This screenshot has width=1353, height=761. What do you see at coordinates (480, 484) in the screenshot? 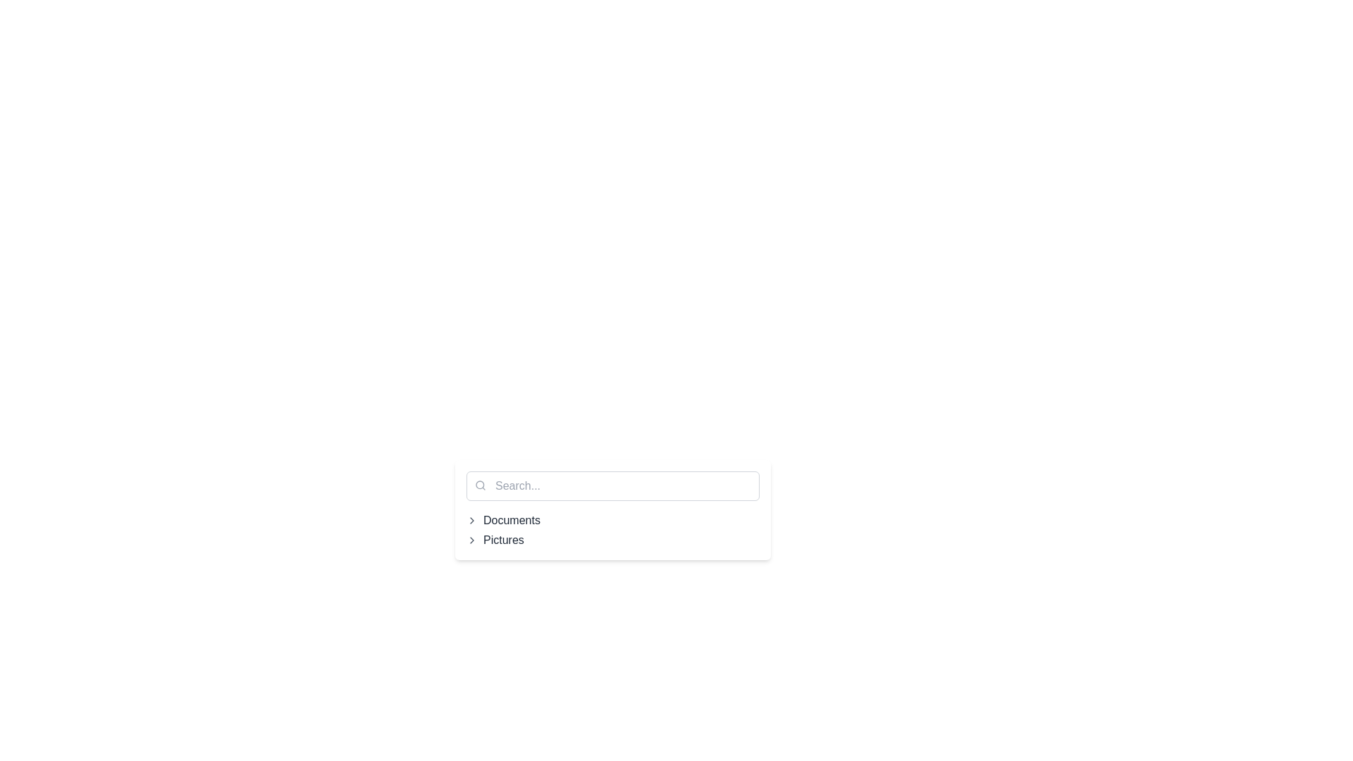
I see `circular component of the search icon located on the left side of the search bar, which is part of its graphical representation` at bounding box center [480, 484].